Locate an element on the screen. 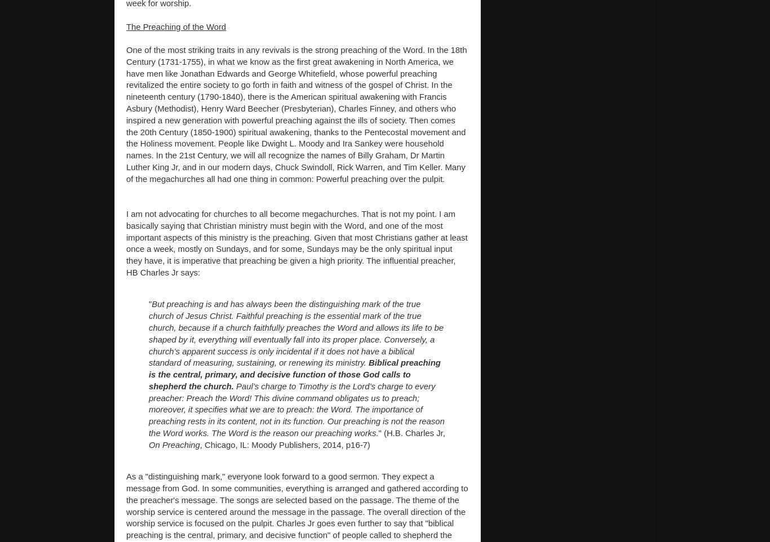  'One of the most striking traits in any revivals is the strong preaching of the Word. In the 18th Century (1731-1755), in what we know as the first great awakening in North America, we have men like Jonathan Edwards and George Whitefield, whose powerful preaching revitalized the entire society to go forth in faith and witness of the gospel of Christ. In the nineteenth century (1790-1840), there is the American spiritual awakening with Francis Asbury (Methodist), Henry Ward Beecher (Presbyterian), Charles Finney, and others who inspired a new generation with powerful preaching against the ills of society. Then comes the 20th Century (1850-1900) spiritual awakening, thanks to the Pentecostal movement and the Holiness movement. People like Dwight L. Moody and Ira Sankey were household names. In the 21st Century, we will all recognize the names of Billy Graham, Dr Martin Luther King Jr, and in our modern days, Chuck Swindoll, Rick Warren, and Tim Keller. Many of the megachurches all had one thing in common: Powerful preaching over the pulpit.' is located at coordinates (297, 113).